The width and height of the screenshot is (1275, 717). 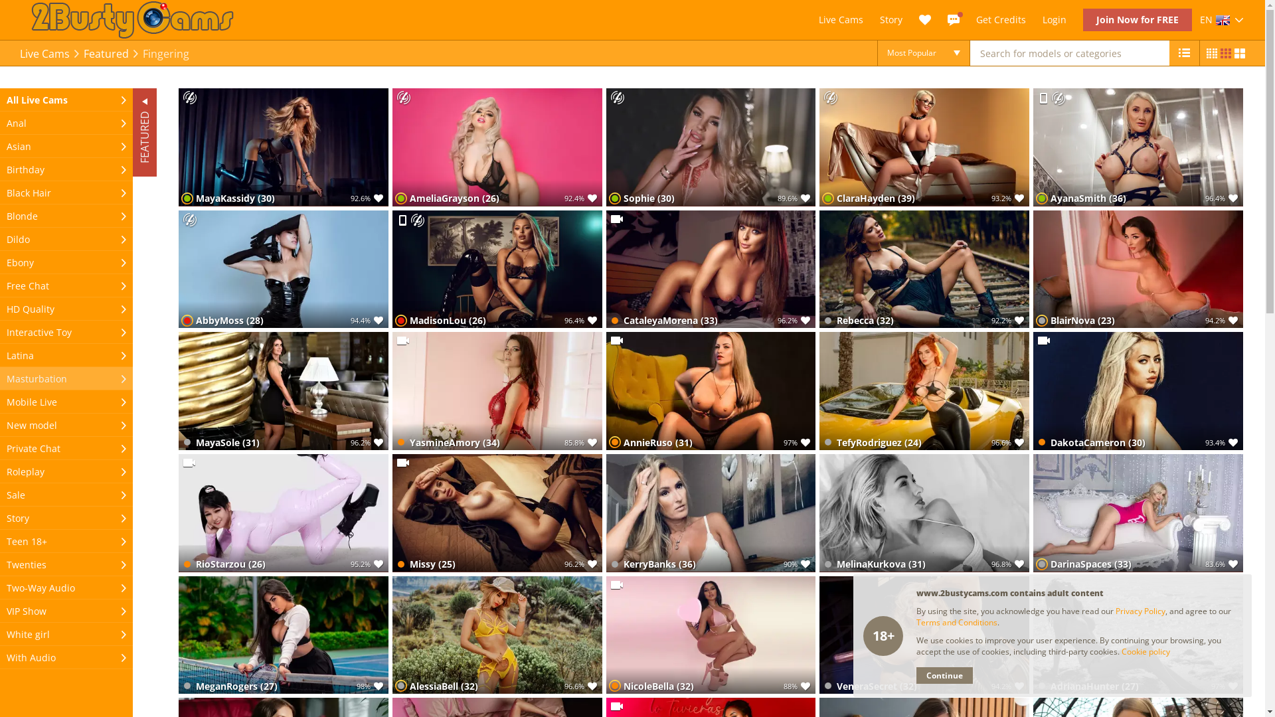 What do you see at coordinates (105, 53) in the screenshot?
I see `'Featured'` at bounding box center [105, 53].